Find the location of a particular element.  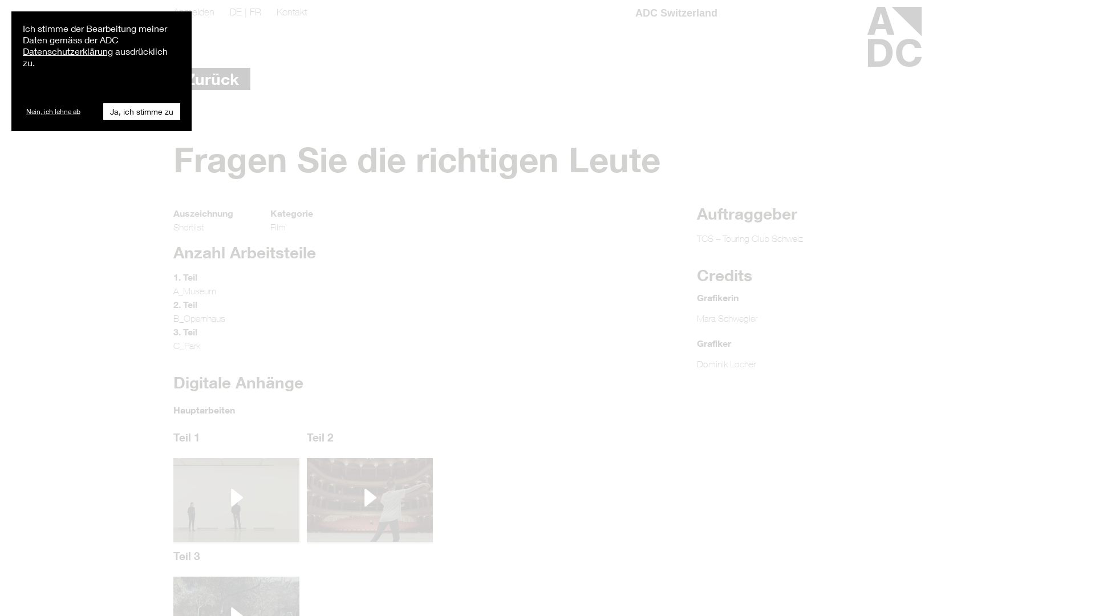

'FR' is located at coordinates (254, 11).